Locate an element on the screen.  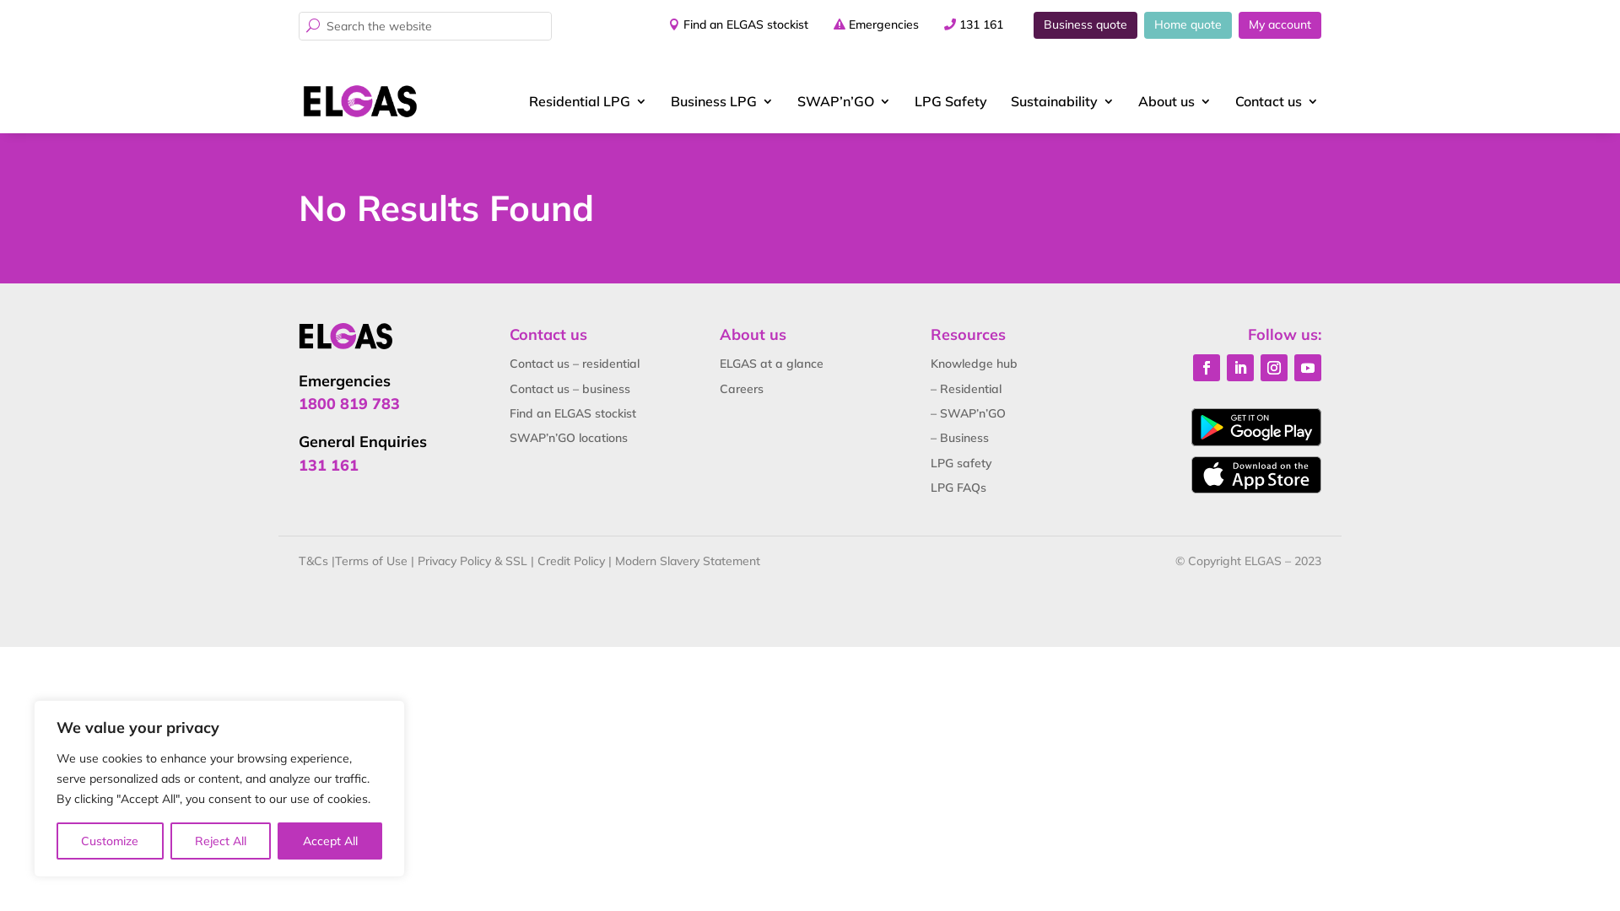
'Accept All' is located at coordinates (329, 840).